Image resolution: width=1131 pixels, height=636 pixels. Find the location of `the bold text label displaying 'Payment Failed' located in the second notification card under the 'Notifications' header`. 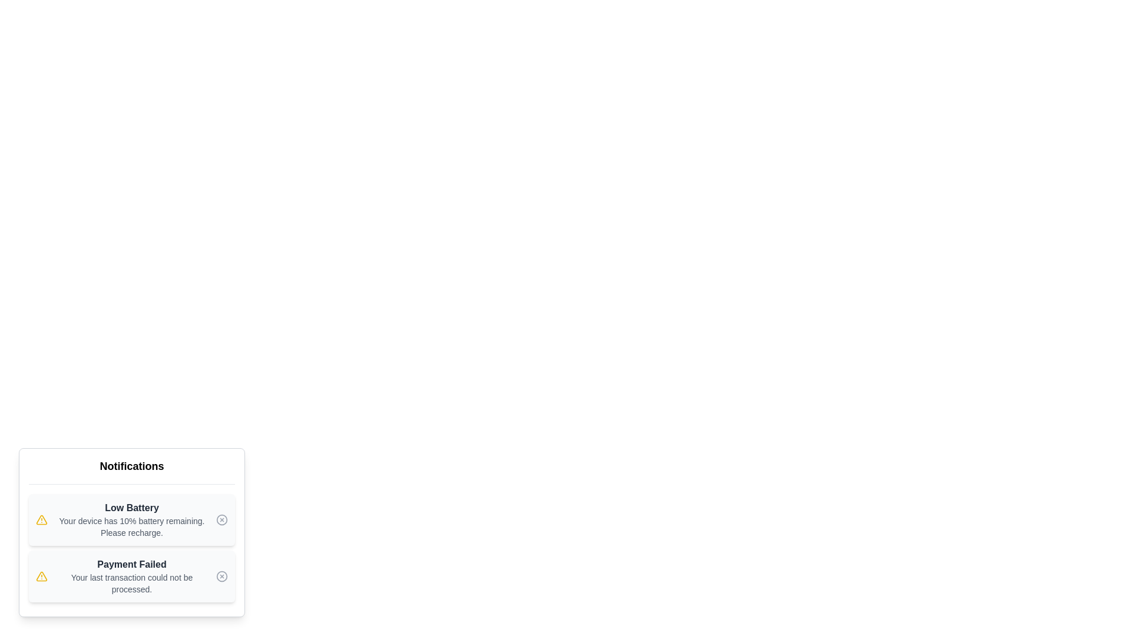

the bold text label displaying 'Payment Failed' located in the second notification card under the 'Notifications' header is located at coordinates (132, 564).